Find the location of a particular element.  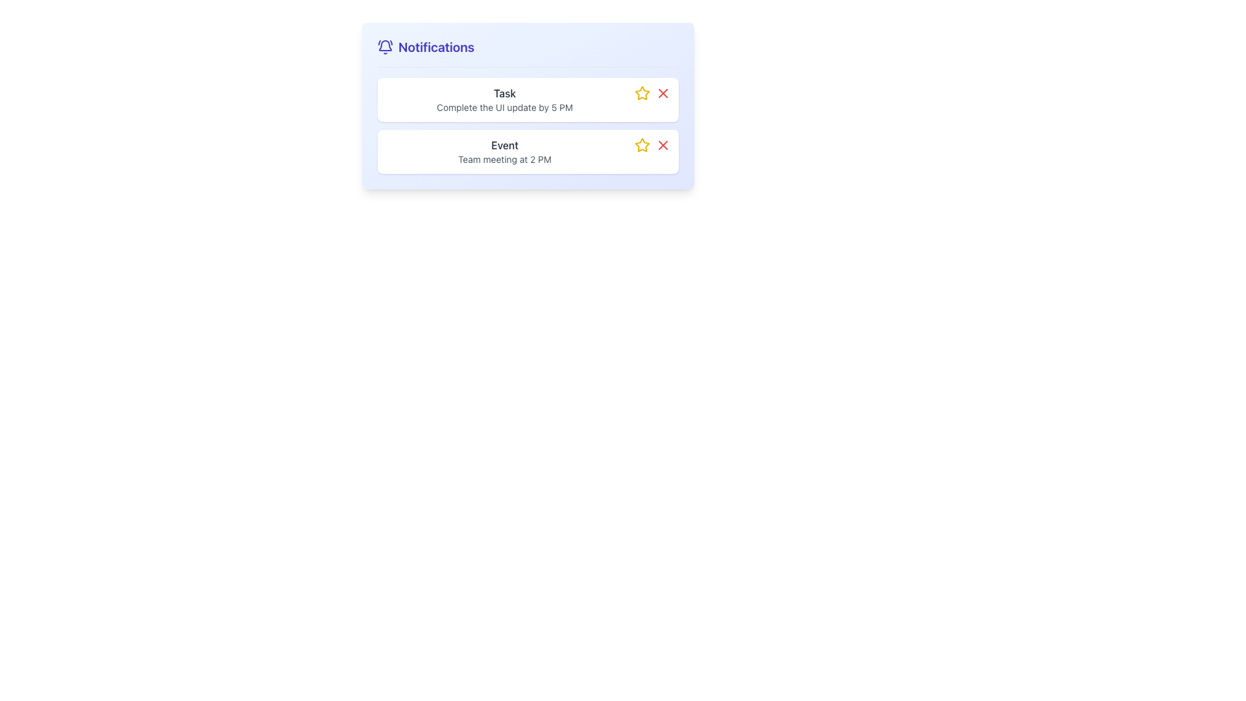

the Static Text that serves as the title for the 'Event' notification, which is the first line of text within the second card of the notification list is located at coordinates (504, 145).